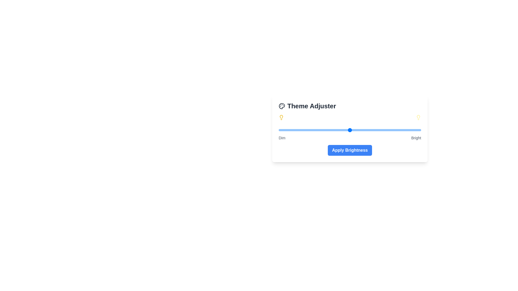 The width and height of the screenshot is (518, 291). What do you see at coordinates (398, 130) in the screenshot?
I see `the brightness slider to 84%` at bounding box center [398, 130].